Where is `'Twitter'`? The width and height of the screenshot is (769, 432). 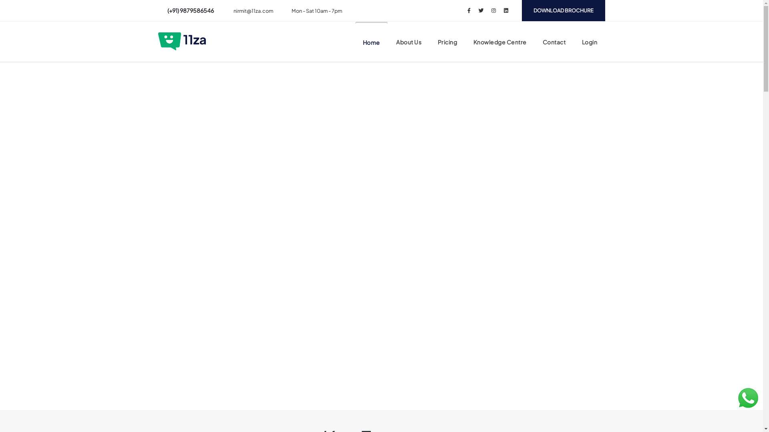 'Twitter' is located at coordinates (481, 10).